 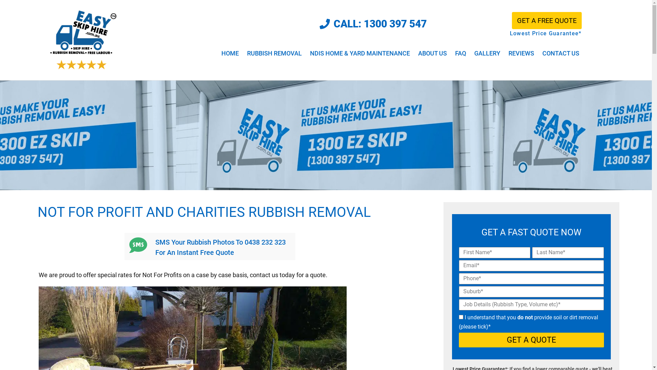 I want to click on 'CONTACT US', so click(x=561, y=53).